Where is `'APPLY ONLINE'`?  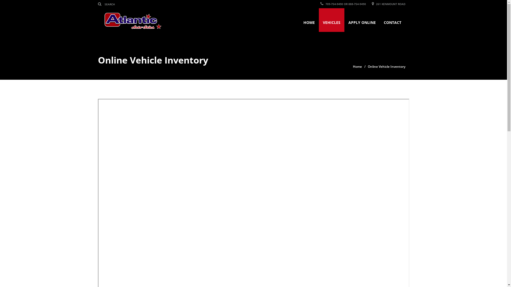
'APPLY ONLINE' is located at coordinates (344, 20).